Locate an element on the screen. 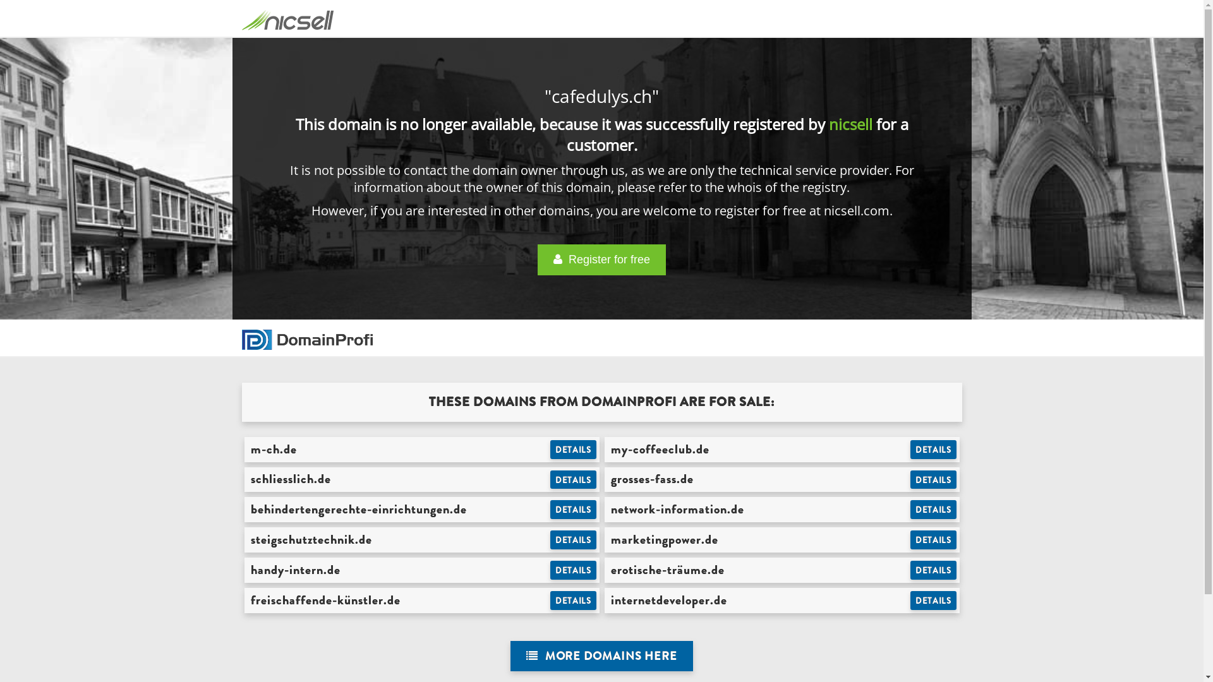 This screenshot has width=1213, height=682. 'DETAILS' is located at coordinates (572, 508).